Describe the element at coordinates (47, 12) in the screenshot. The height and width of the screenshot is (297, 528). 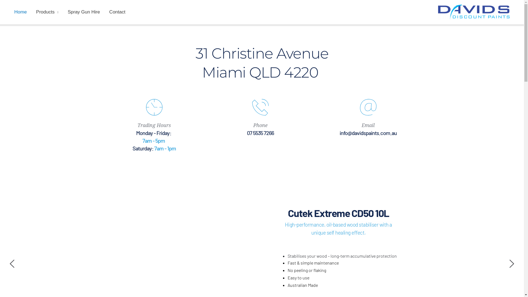
I see `'Products'` at that location.